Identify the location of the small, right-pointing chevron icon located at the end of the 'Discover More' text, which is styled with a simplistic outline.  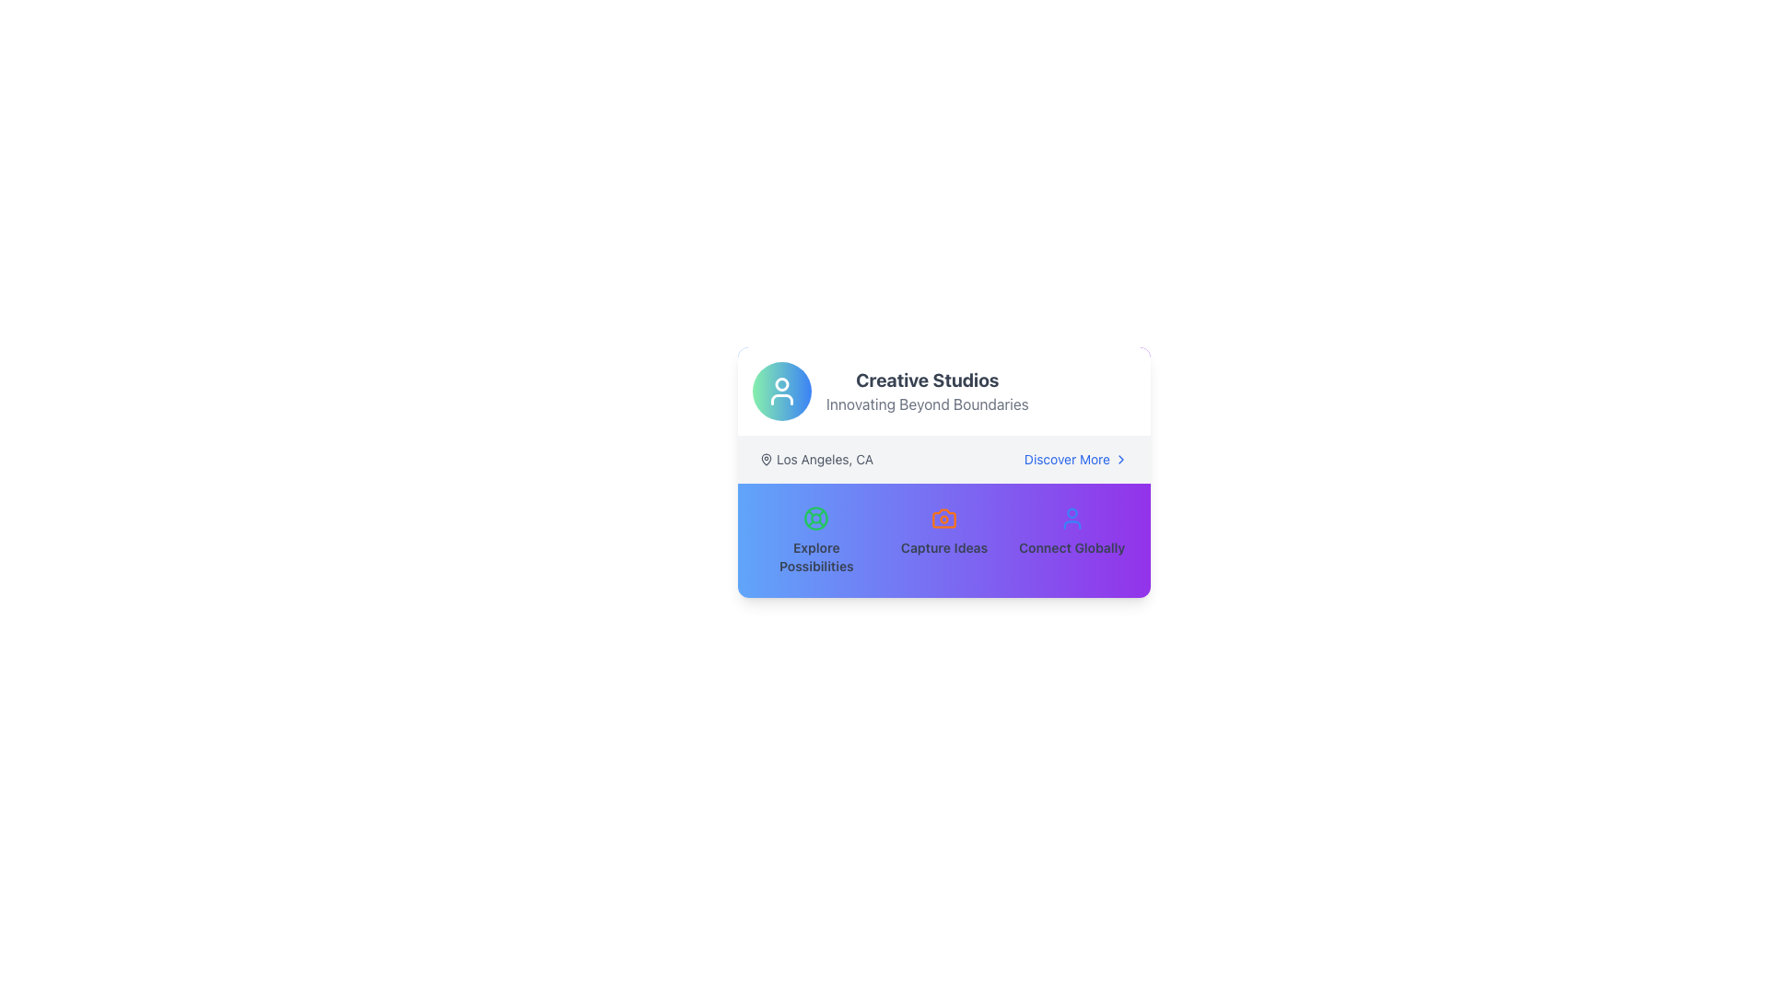
(1120, 458).